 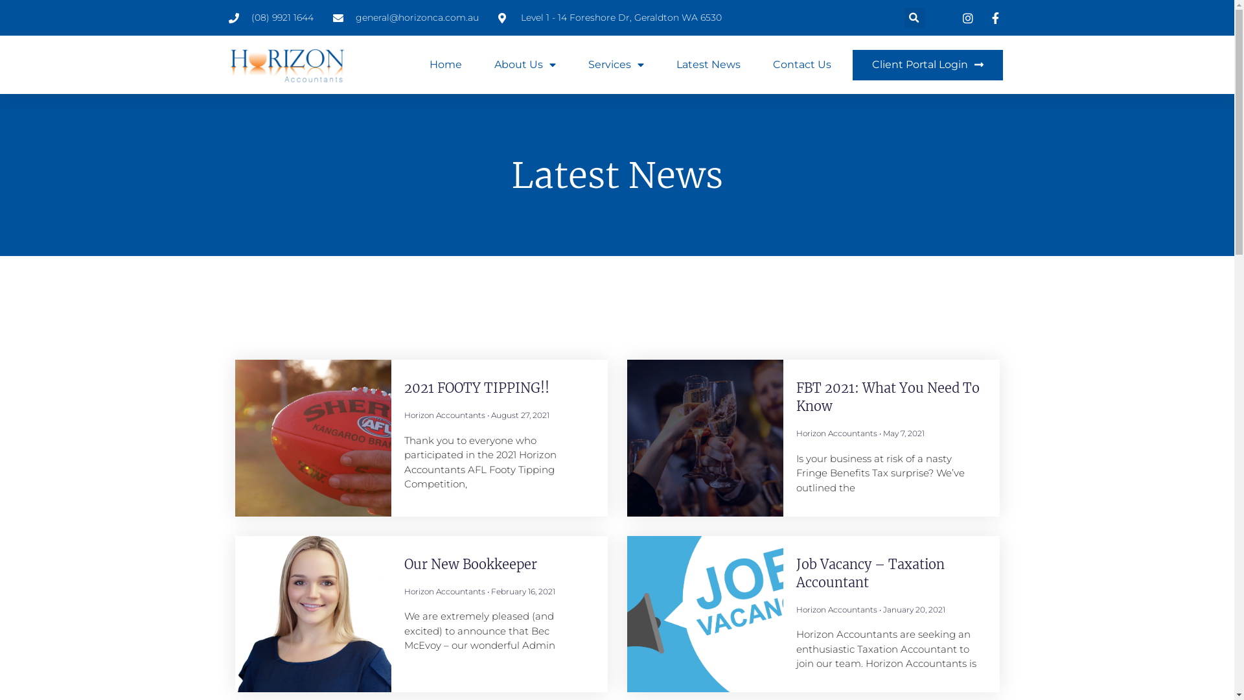 I want to click on 'Our New Bookkeeper', so click(x=470, y=563).